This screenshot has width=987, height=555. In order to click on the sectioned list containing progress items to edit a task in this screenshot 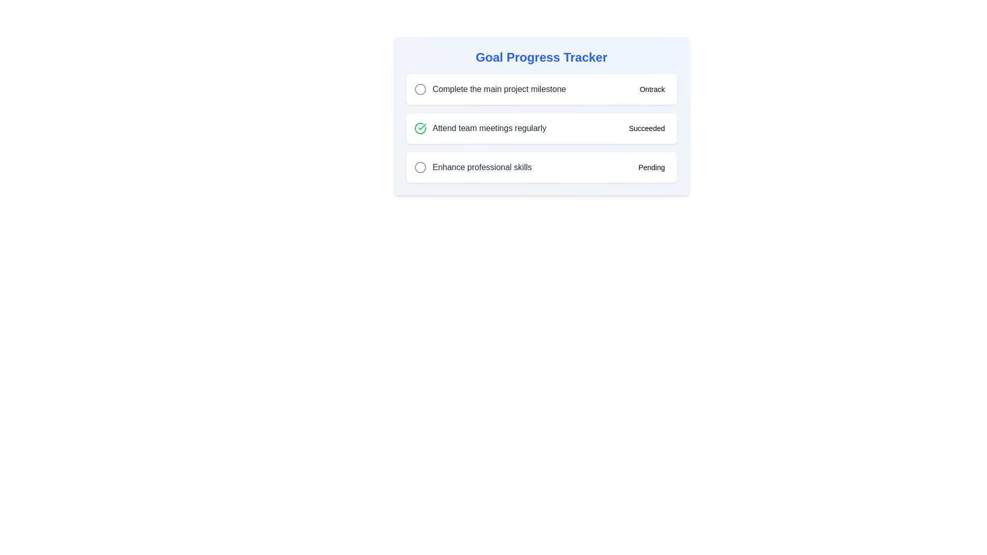, I will do `click(541, 128)`.